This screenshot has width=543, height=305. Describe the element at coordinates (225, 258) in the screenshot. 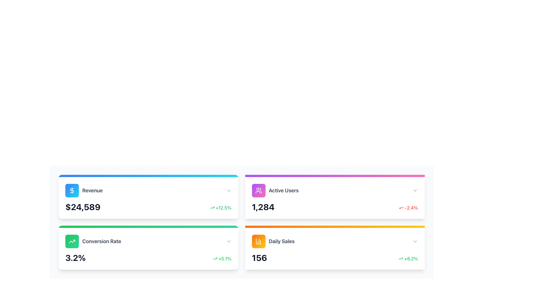

I see `the textual indicator reading '+5.1%' displayed in green, which is located in the bottom-left card titled 'Conversion Rate', positioned to the right of a small upward arrow icon` at that location.